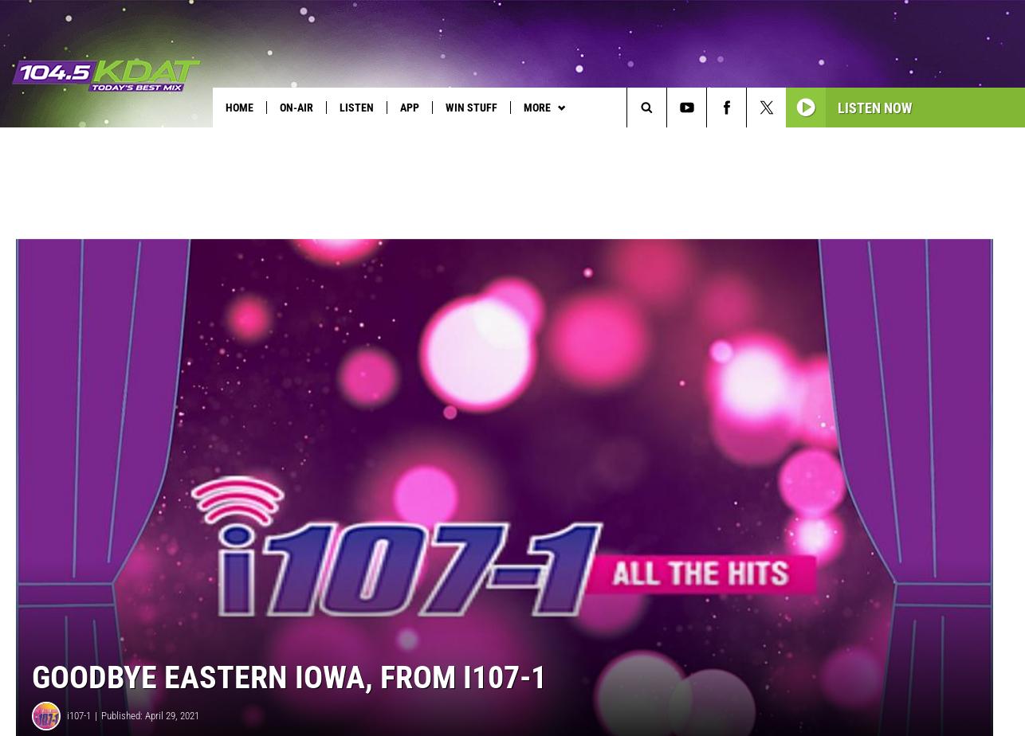 Image resolution: width=1025 pixels, height=736 pixels. I want to click on 'Home', so click(239, 107).